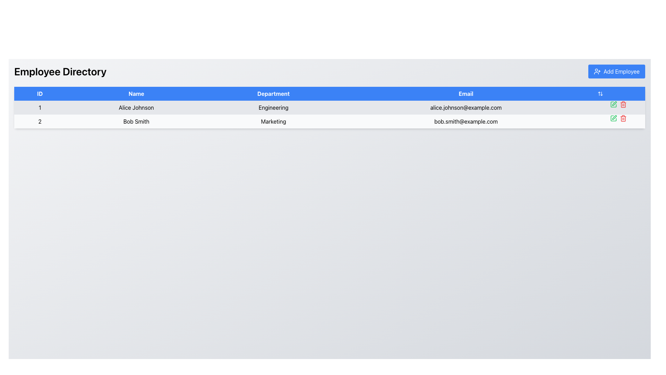 This screenshot has height=375, width=666. I want to click on the 'Department' text header, which is the third header in a row of column headers within a table, displayed on a blue background with white text, so click(273, 94).